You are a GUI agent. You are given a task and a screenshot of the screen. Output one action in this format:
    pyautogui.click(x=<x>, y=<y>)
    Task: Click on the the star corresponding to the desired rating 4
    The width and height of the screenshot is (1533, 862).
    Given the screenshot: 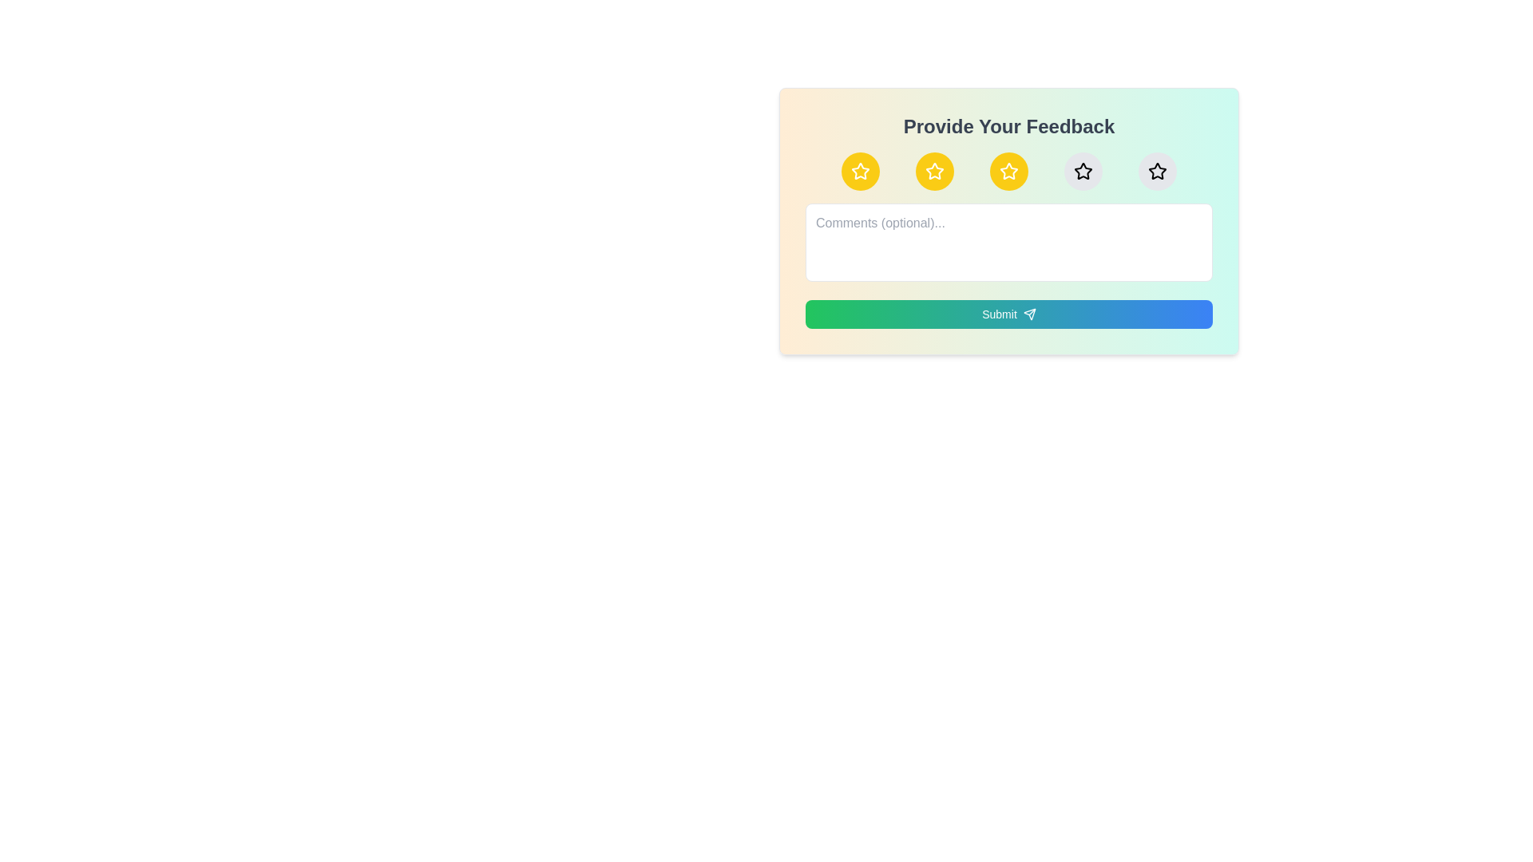 What is the action you would take?
    pyautogui.click(x=1083, y=172)
    